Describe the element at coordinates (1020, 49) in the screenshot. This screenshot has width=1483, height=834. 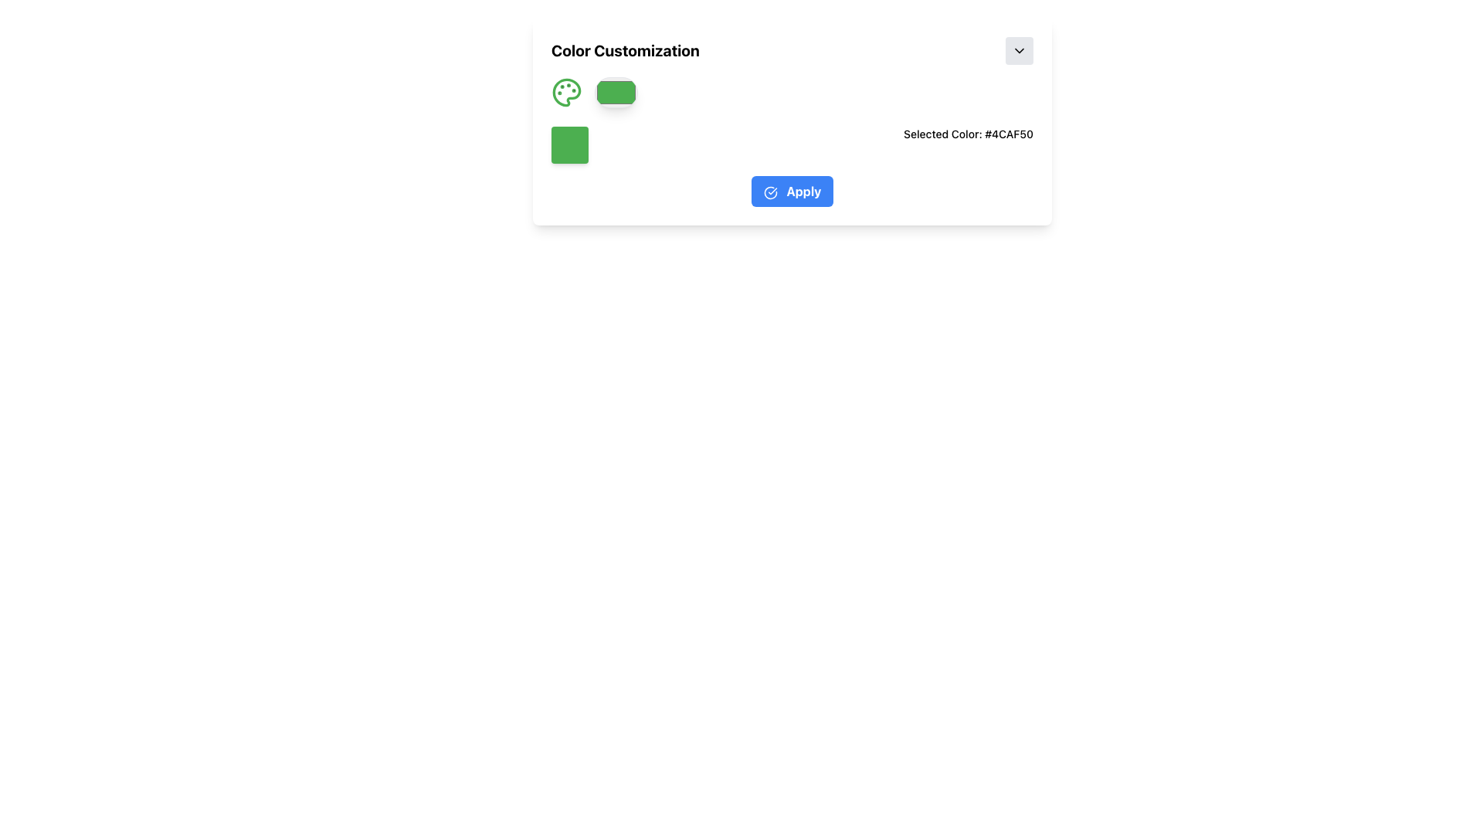
I see `the button with a light gray background and a downward-facing chevron icon located` at that location.